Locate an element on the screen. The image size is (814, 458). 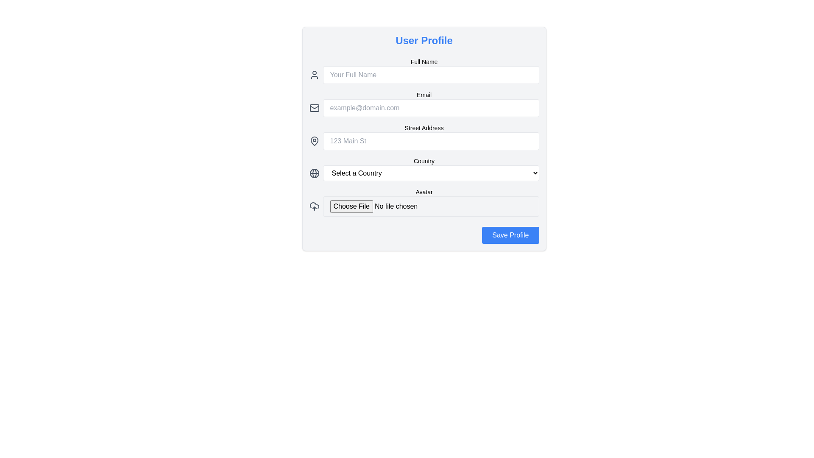
the text label displaying 'Country' which is located above the 'Select a Country' dropdown in the 'User Profile' form is located at coordinates (424, 161).